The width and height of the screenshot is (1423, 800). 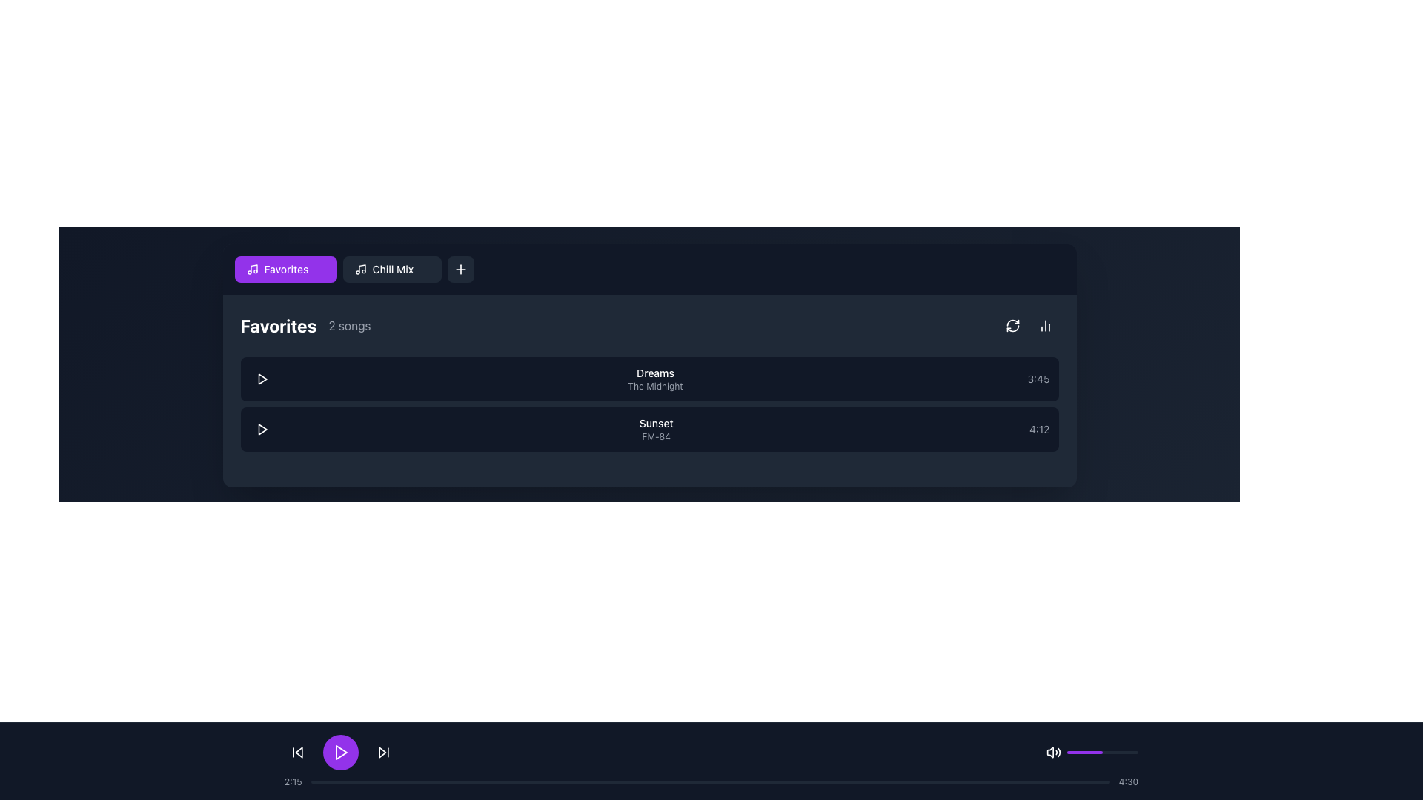 I want to click on the playback position, so click(x=920, y=781).